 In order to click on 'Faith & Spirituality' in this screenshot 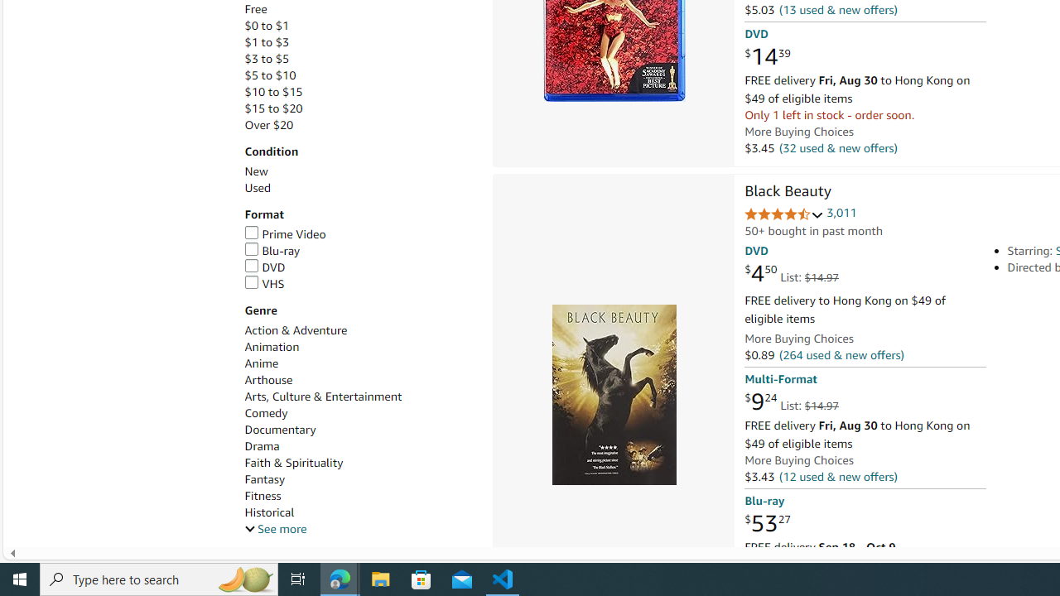, I will do `click(293, 463)`.